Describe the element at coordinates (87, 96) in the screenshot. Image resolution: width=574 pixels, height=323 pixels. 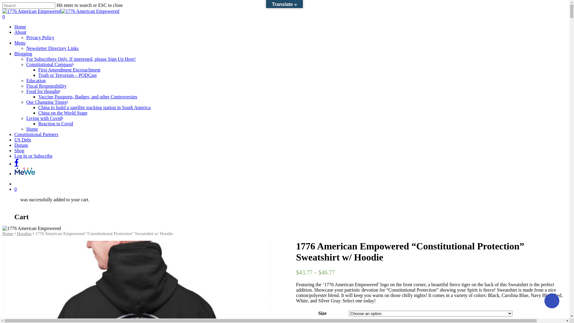
I see `'Vaccine Passports, Badges, and other Controversies'` at that location.